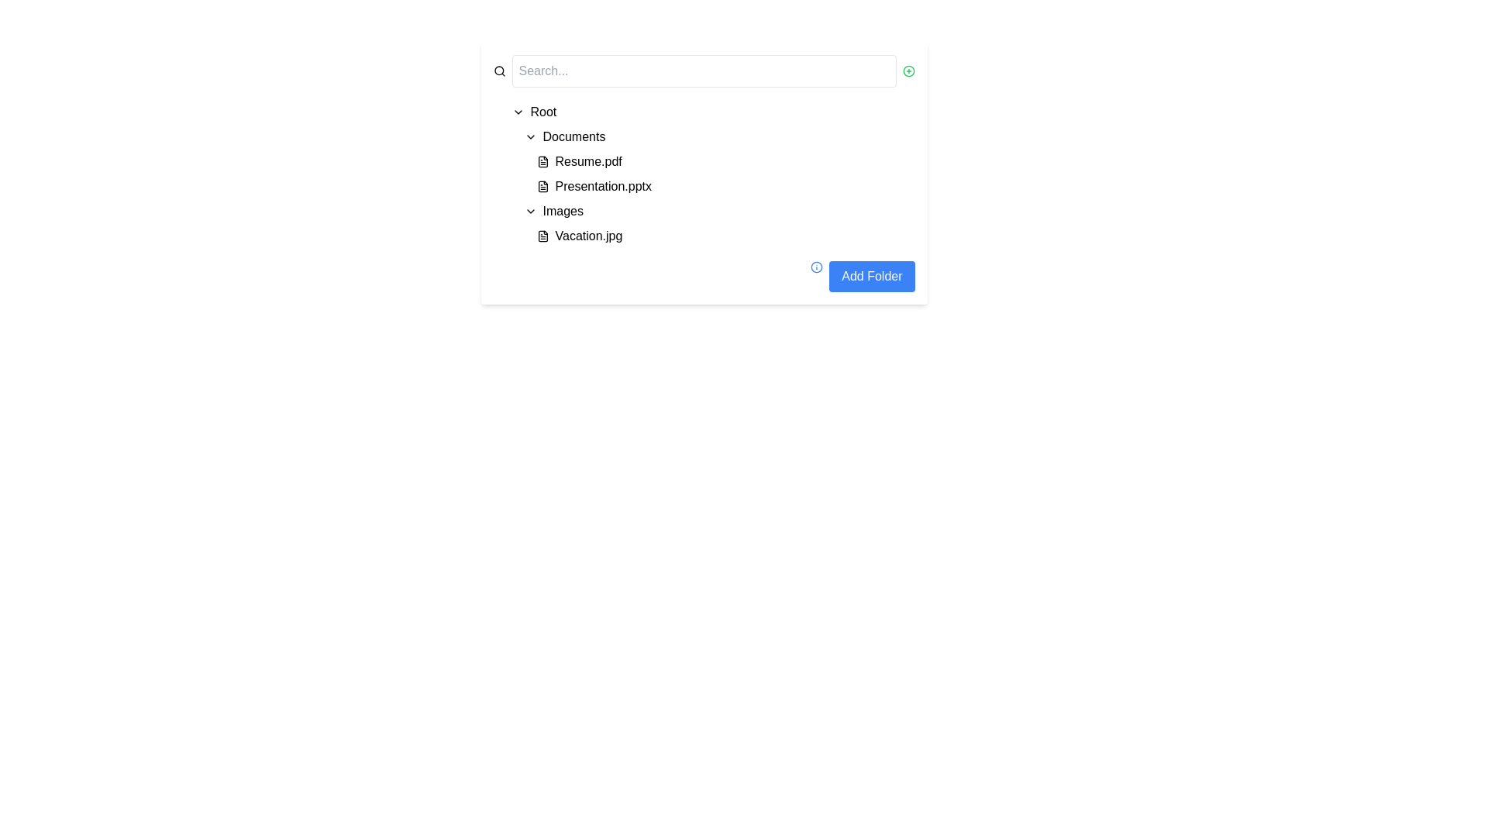 The width and height of the screenshot is (1488, 837). I want to click on the text label displaying the file name 'Presentation.pptx' in the Documents section of the file explorer interface, so click(602, 185).